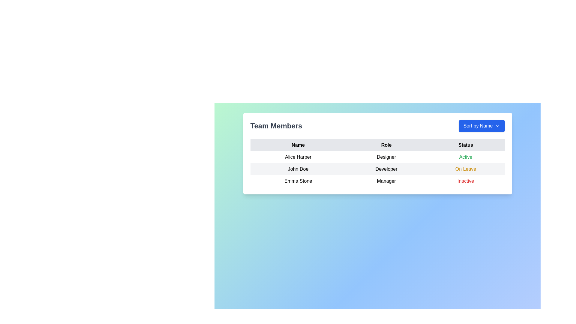 The image size is (576, 324). Describe the element at coordinates (377, 153) in the screenshot. I see `the first table row displaying information about 'Alice Harper', the Designer with status 'Active'` at that location.